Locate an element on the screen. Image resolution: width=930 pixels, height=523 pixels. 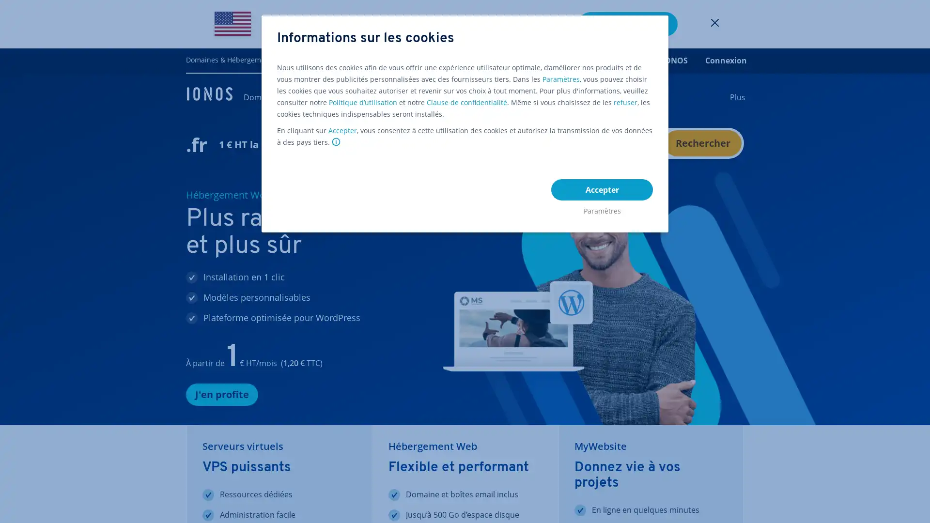
Accepter is located at coordinates (602, 190).